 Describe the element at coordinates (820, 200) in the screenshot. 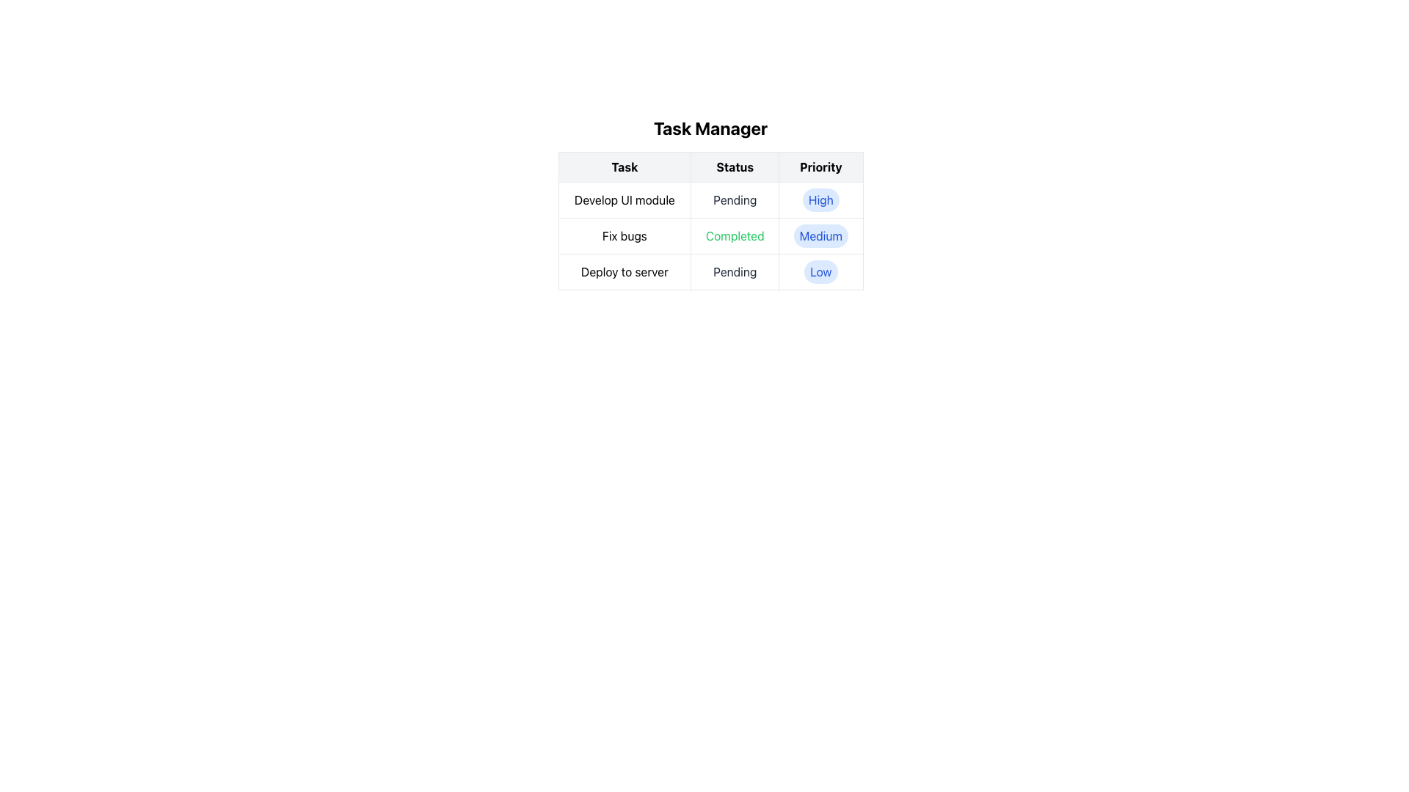

I see `the 'High' priority indicator button, which is a blue rectangular component with rounded edges located in the 'Priority' column of the 'Develop UI module' row` at that location.